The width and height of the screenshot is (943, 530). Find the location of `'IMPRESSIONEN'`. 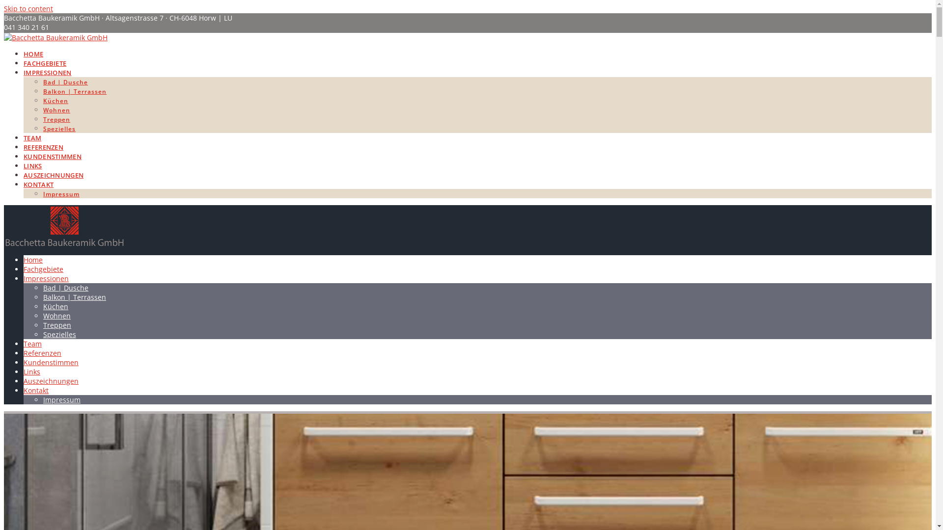

'IMPRESSIONEN' is located at coordinates (47, 72).